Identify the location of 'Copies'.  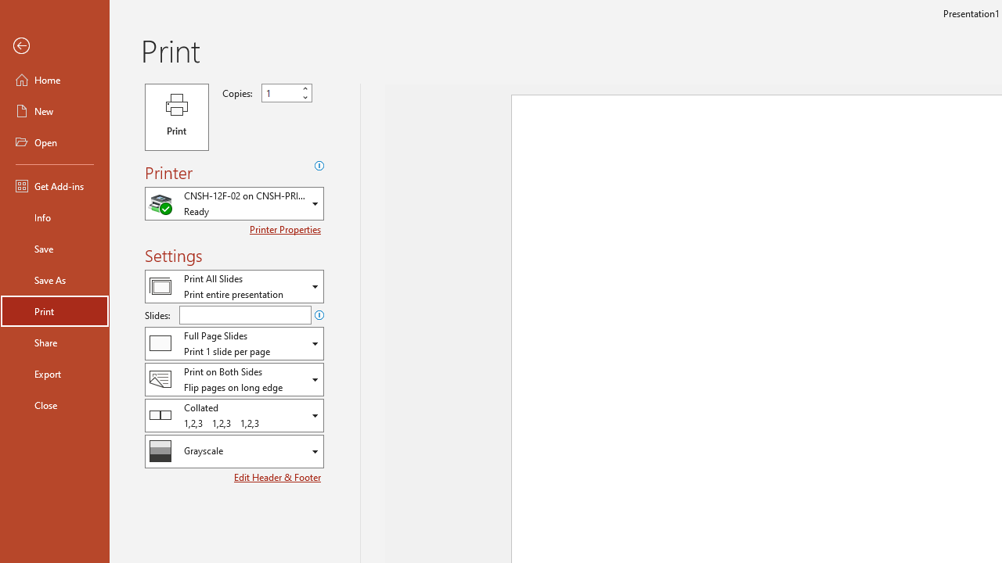
(280, 93).